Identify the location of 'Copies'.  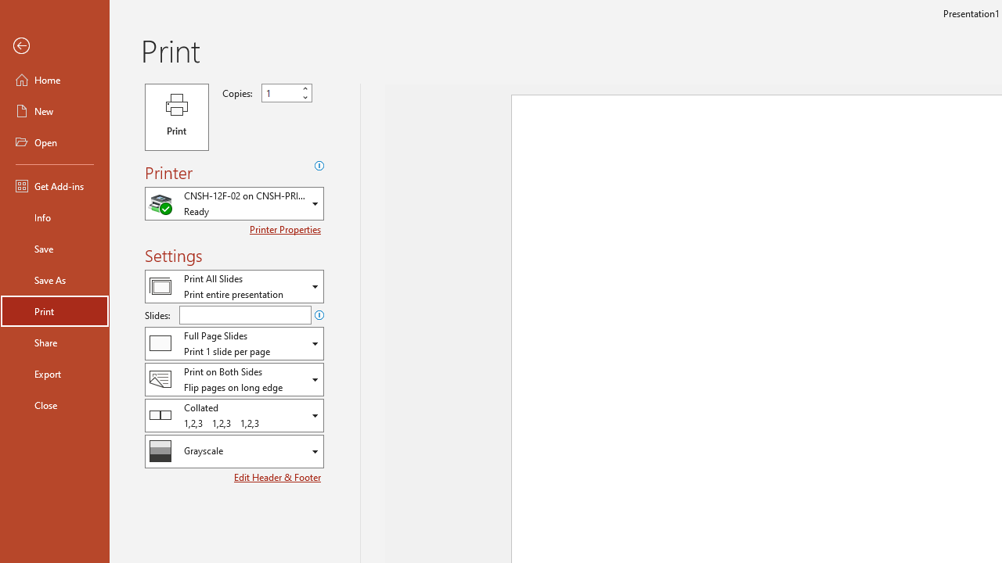
(280, 93).